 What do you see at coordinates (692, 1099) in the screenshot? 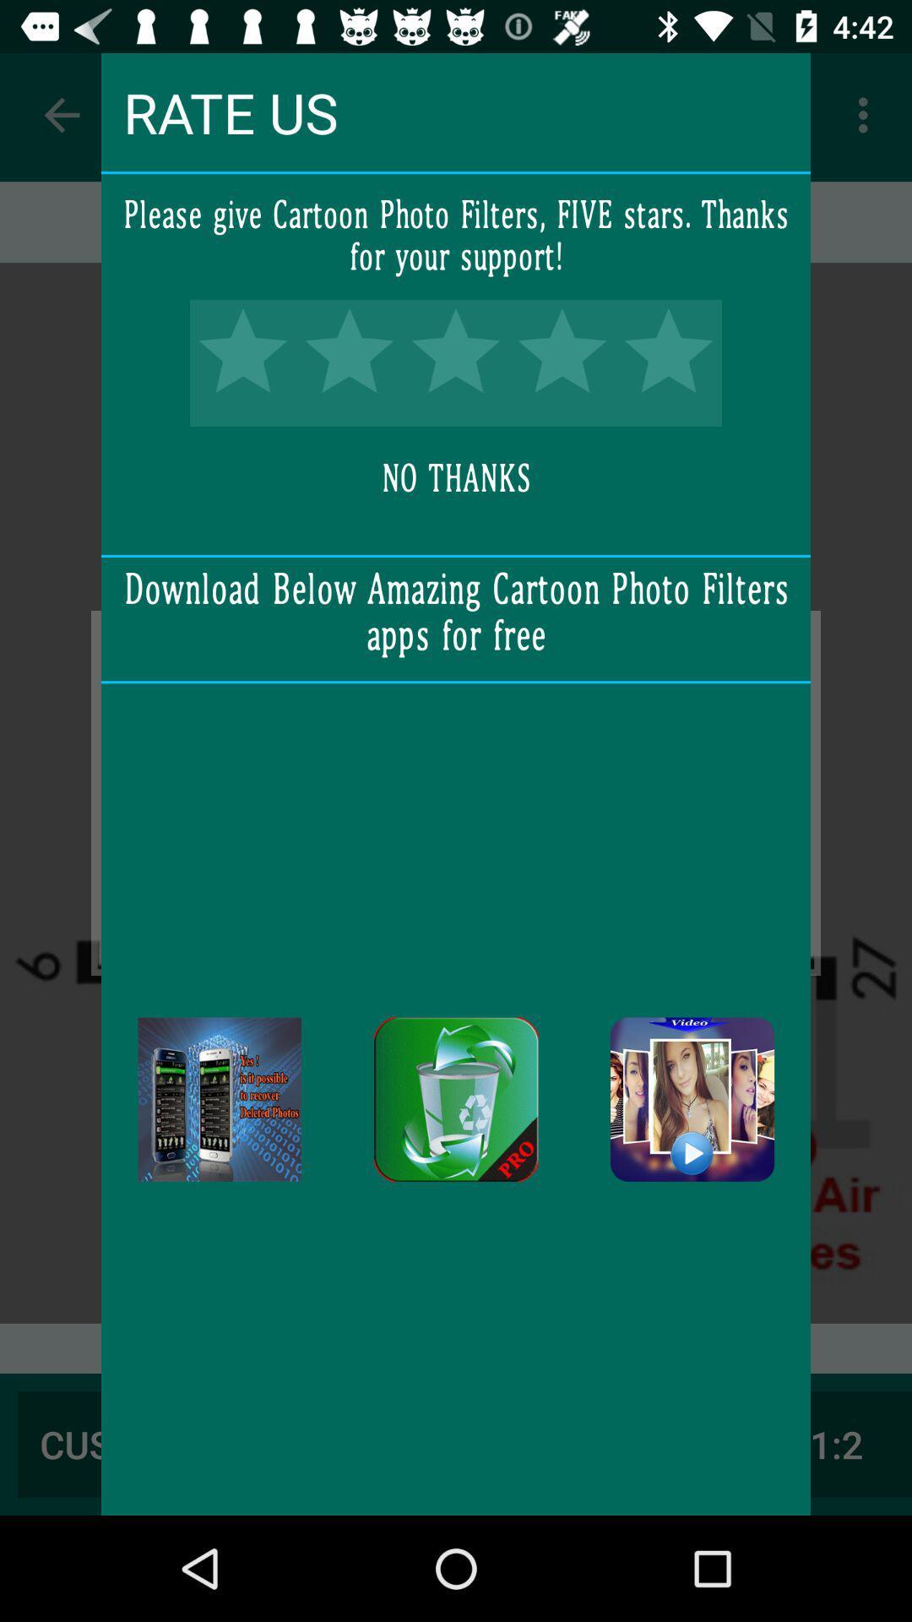
I see `this app to download` at bounding box center [692, 1099].